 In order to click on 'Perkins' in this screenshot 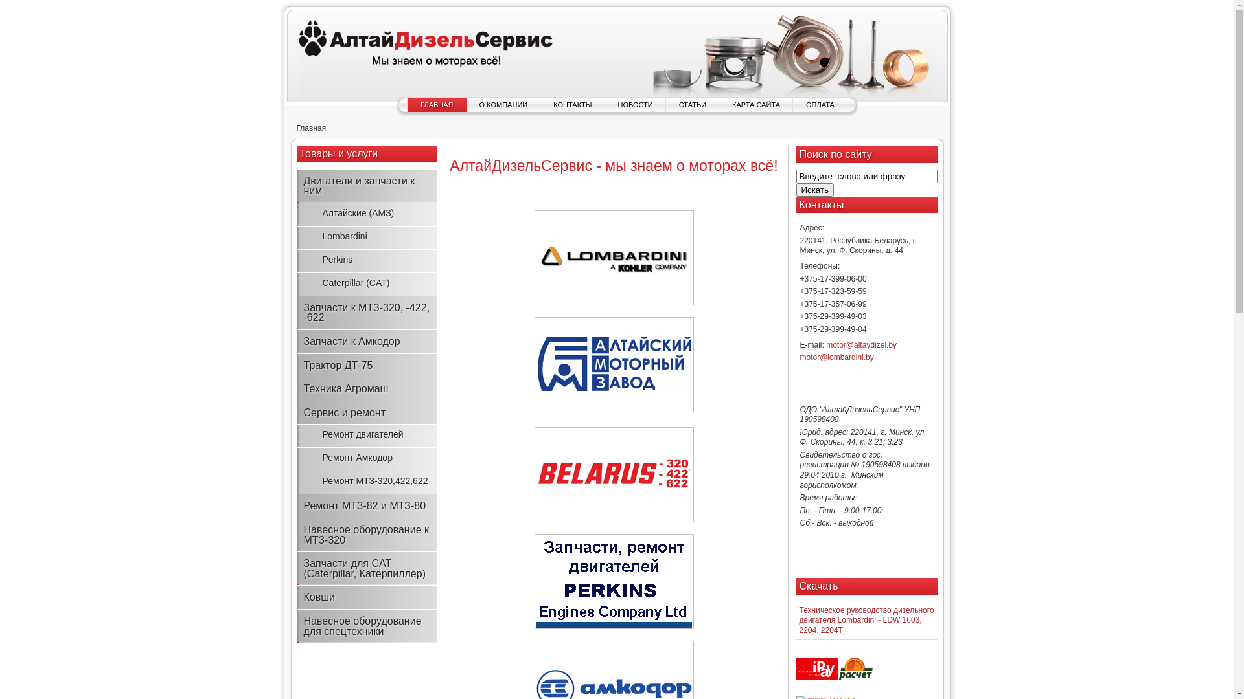, I will do `click(366, 260)`.